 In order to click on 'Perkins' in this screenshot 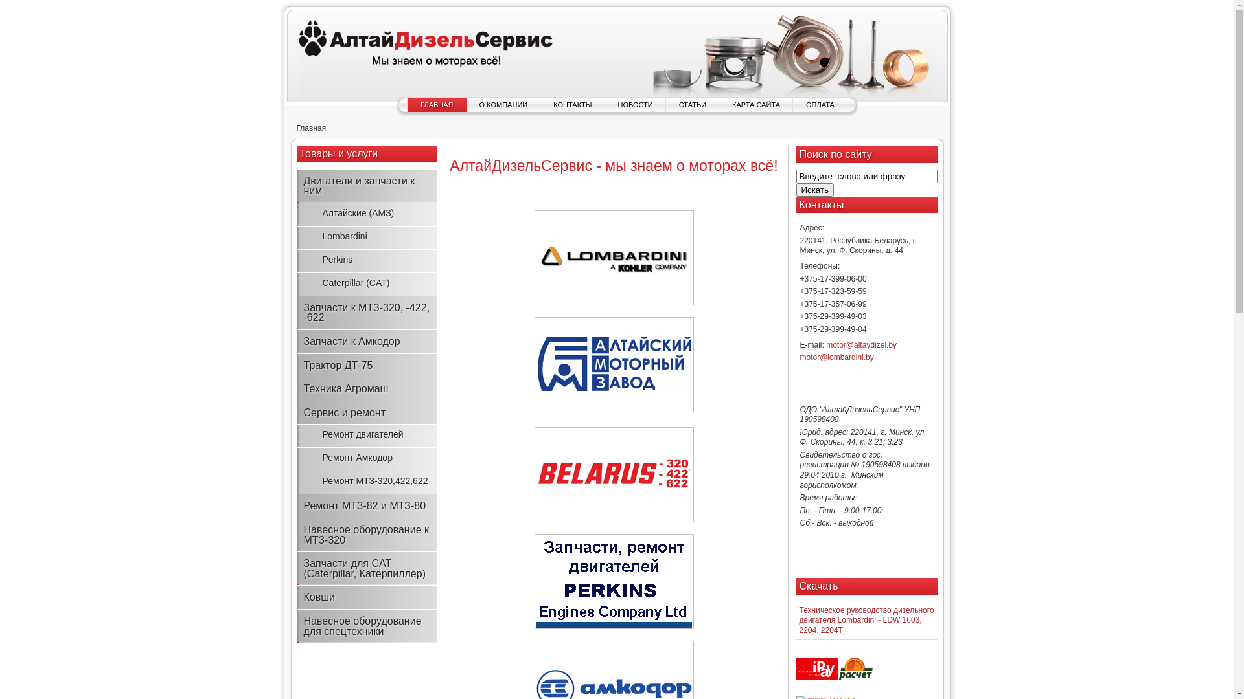, I will do `click(366, 260)`.